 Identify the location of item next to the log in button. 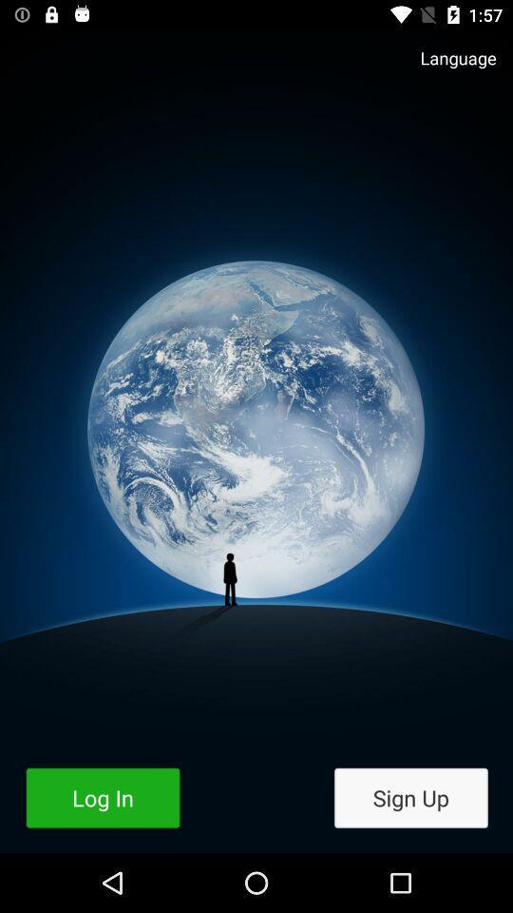
(409, 798).